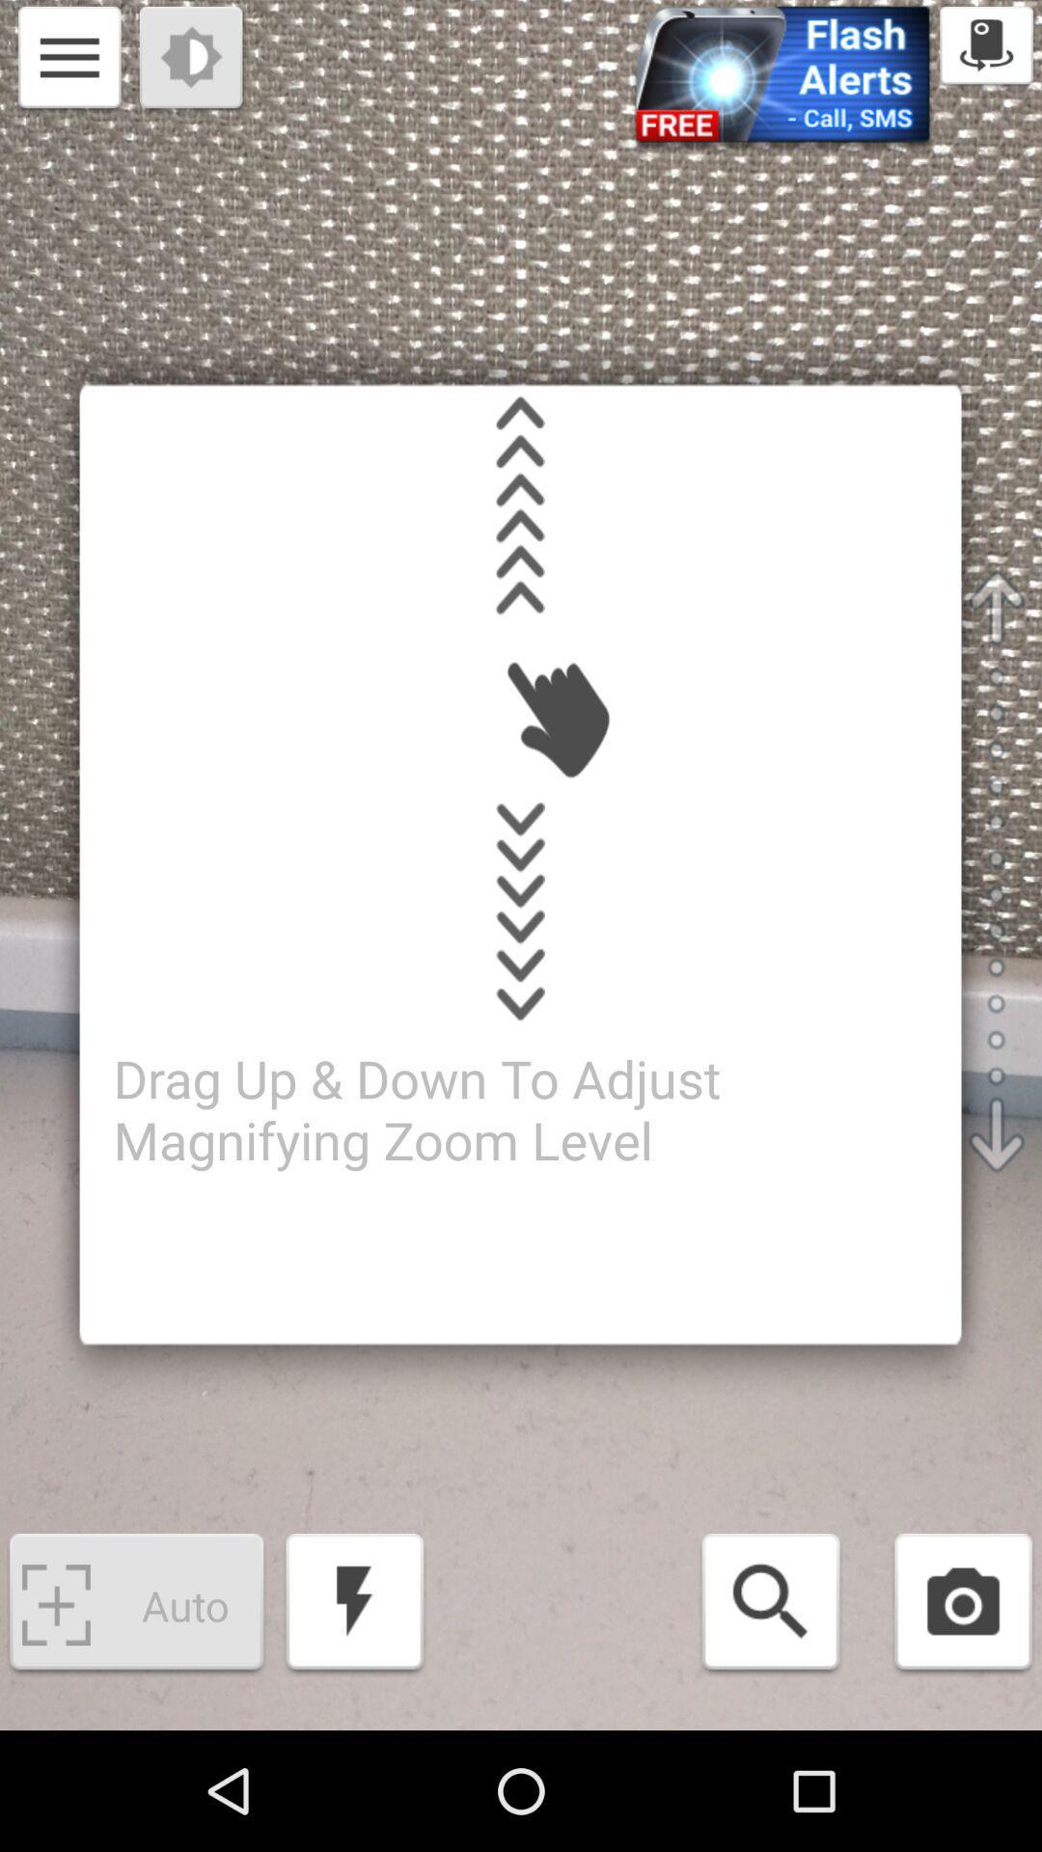 The height and width of the screenshot is (1852, 1042). Describe the element at coordinates (354, 1605) in the screenshot. I see `flash icon` at that location.